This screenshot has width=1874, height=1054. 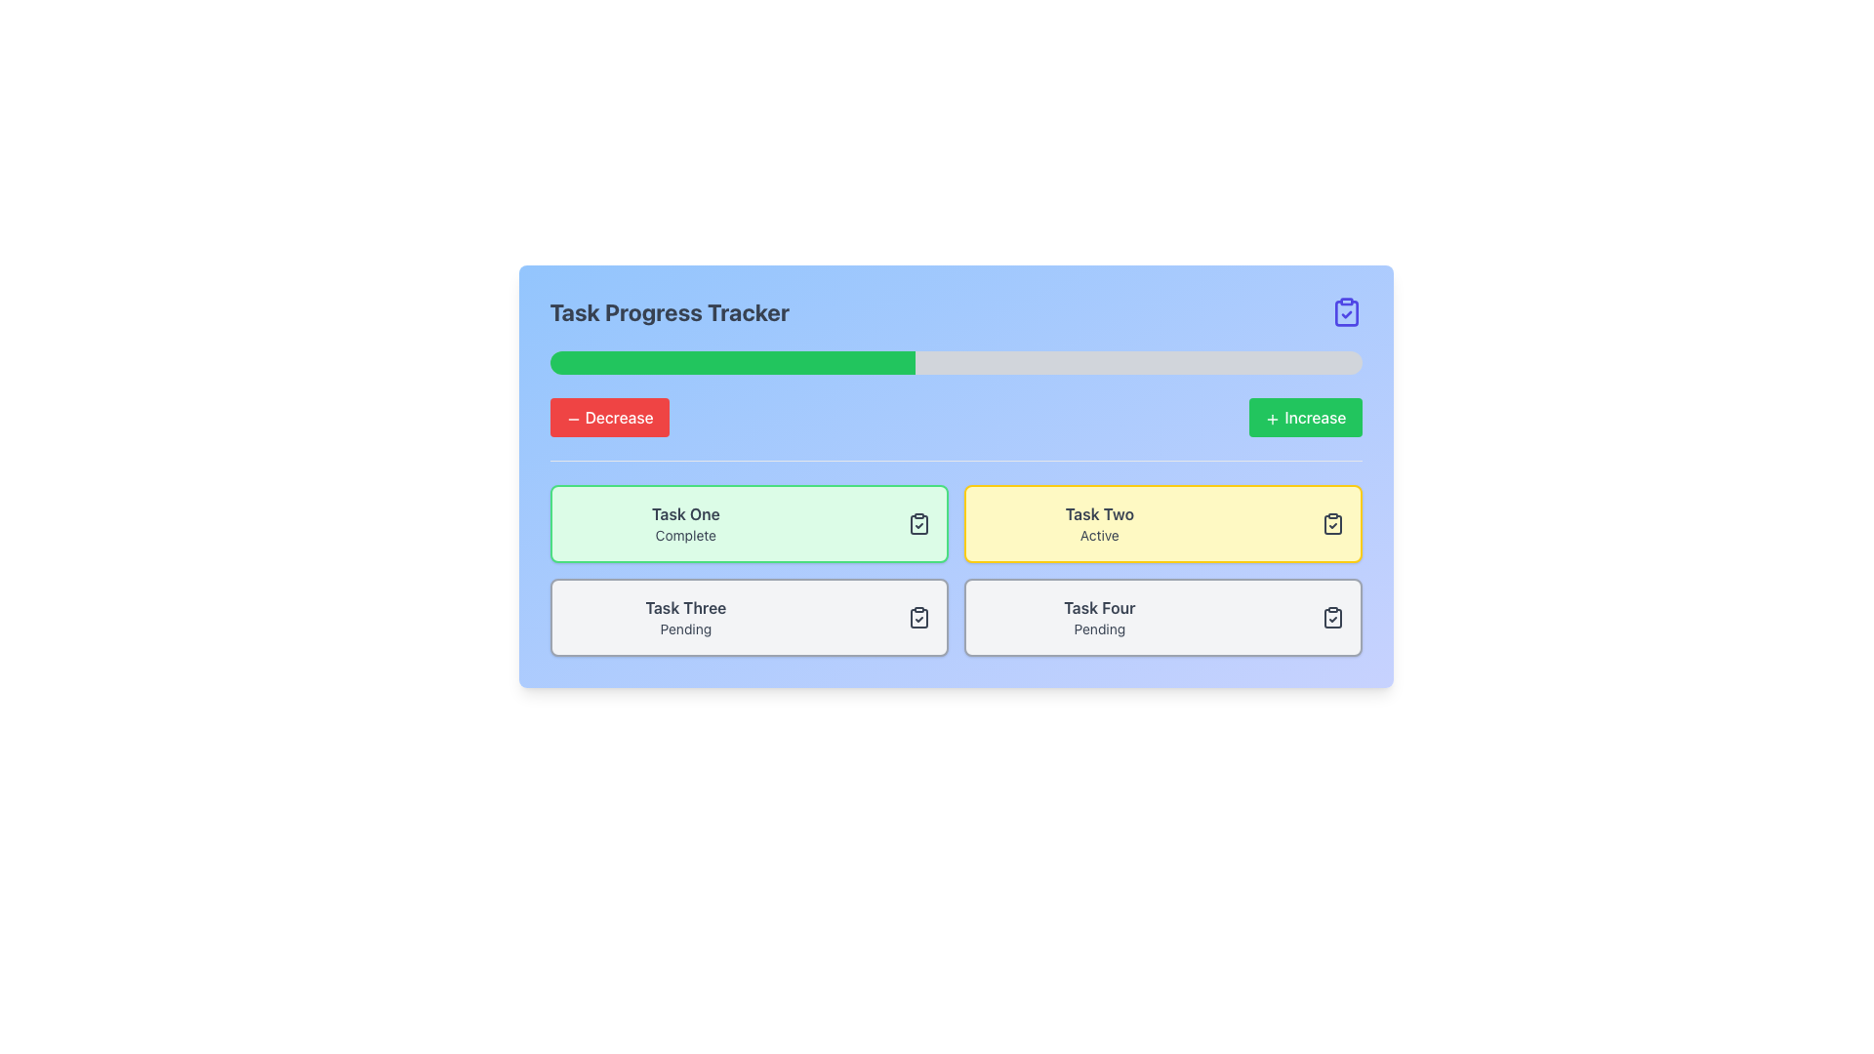 I want to click on the text label indicating the task title 'Task Two' with status 'Active', located in the yellow-highlighted task card in the task list grid, so click(x=1099, y=522).